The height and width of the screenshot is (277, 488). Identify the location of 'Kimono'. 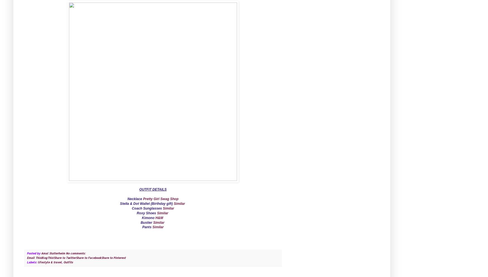
(148, 217).